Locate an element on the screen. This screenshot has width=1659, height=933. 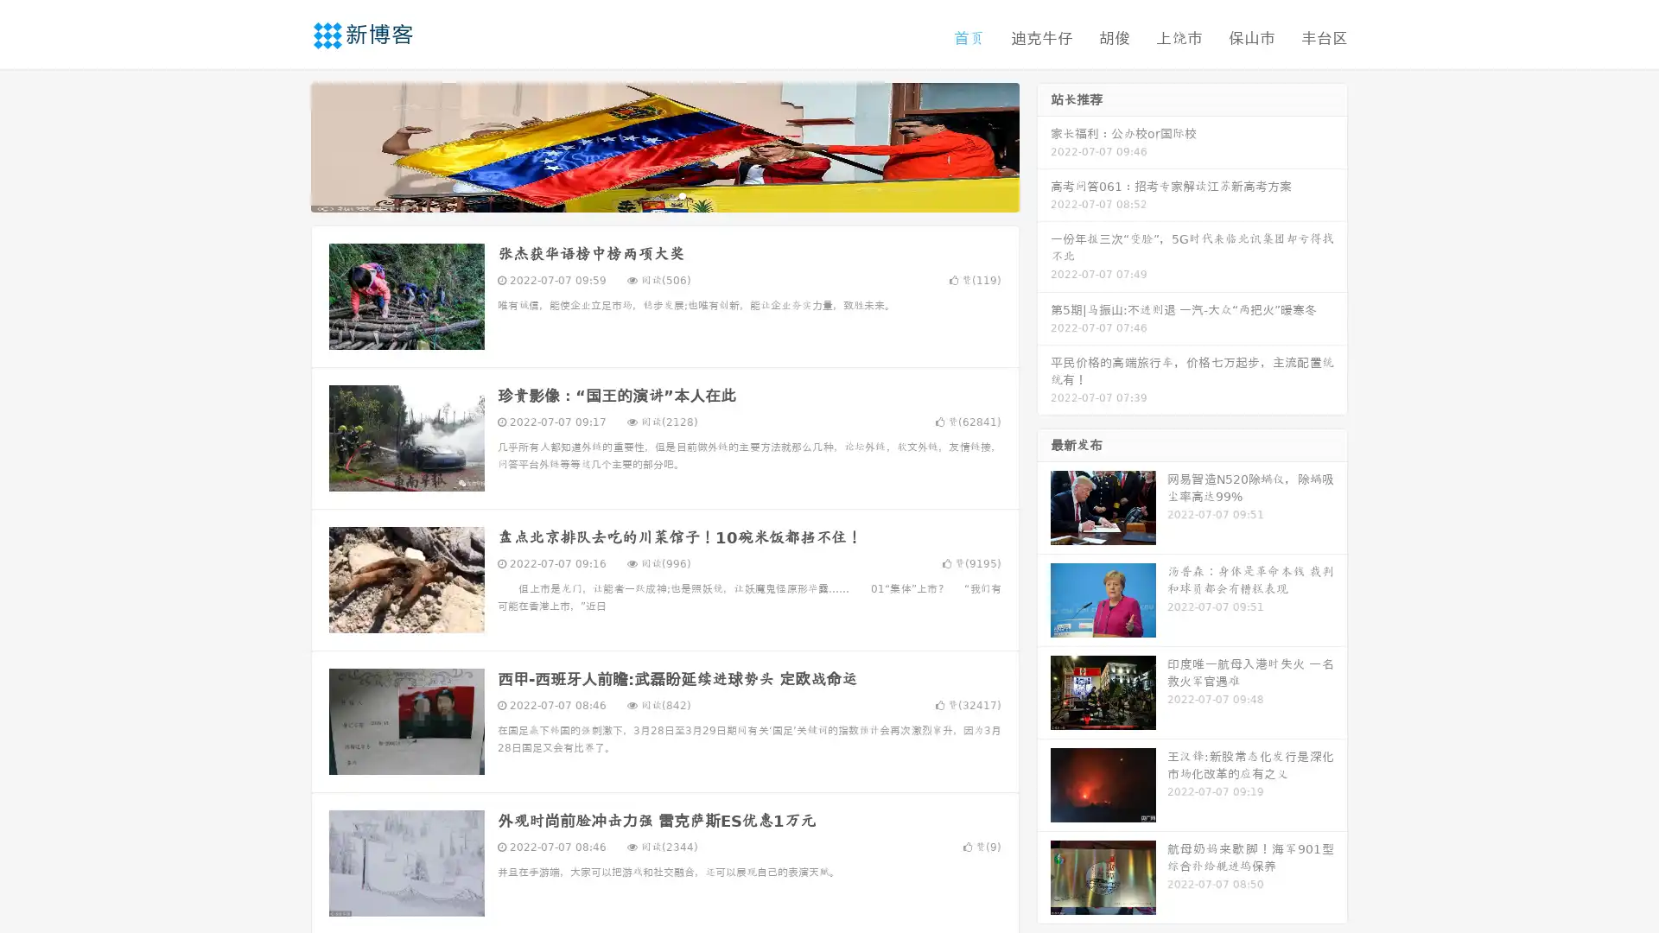
Next slide is located at coordinates (1044, 145).